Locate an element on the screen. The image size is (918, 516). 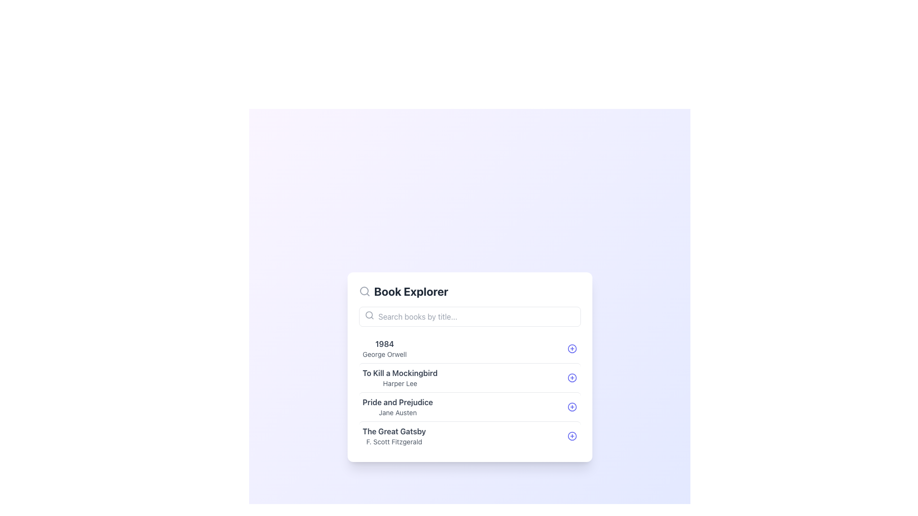
the magnifying glass icon representing the search function, located to the left of the 'Book Explorer' title is located at coordinates (364, 290).